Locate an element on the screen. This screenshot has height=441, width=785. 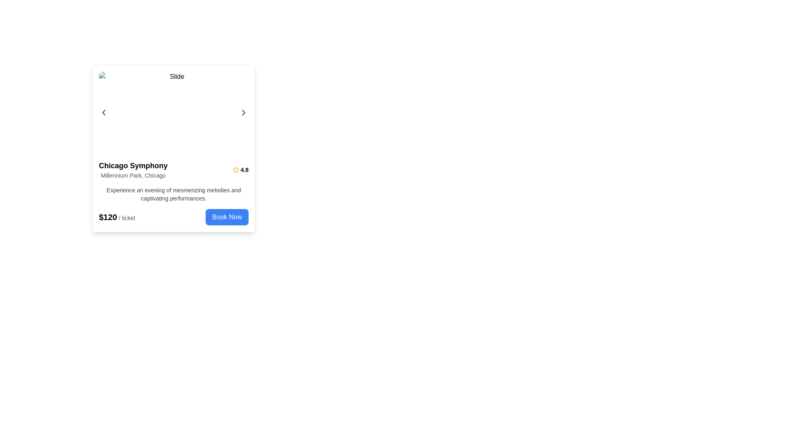
text label displaying 'Millennium Park, Chicago', which is located directly below the 'Chicago Symphony' text in the upper-left area of the card interface is located at coordinates (133, 175).